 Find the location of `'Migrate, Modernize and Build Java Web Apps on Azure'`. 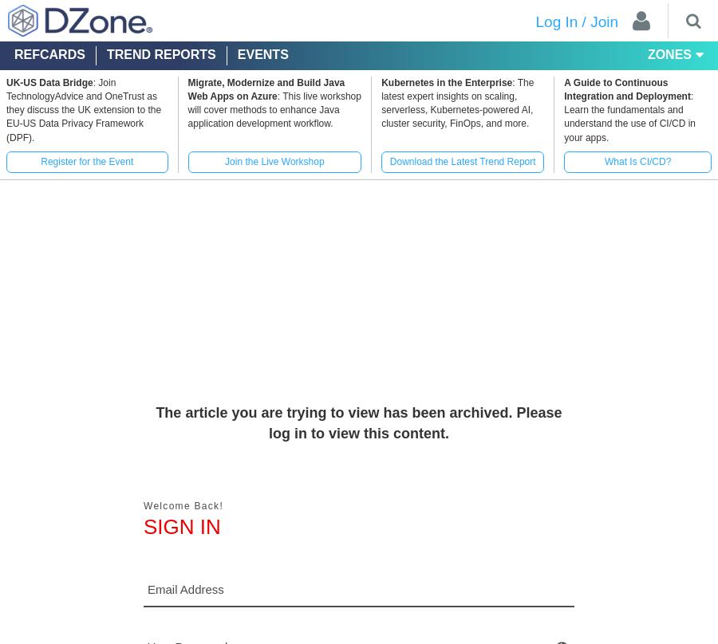

'Migrate, Modernize and Build Java Web Apps on Azure' is located at coordinates (186, 88).